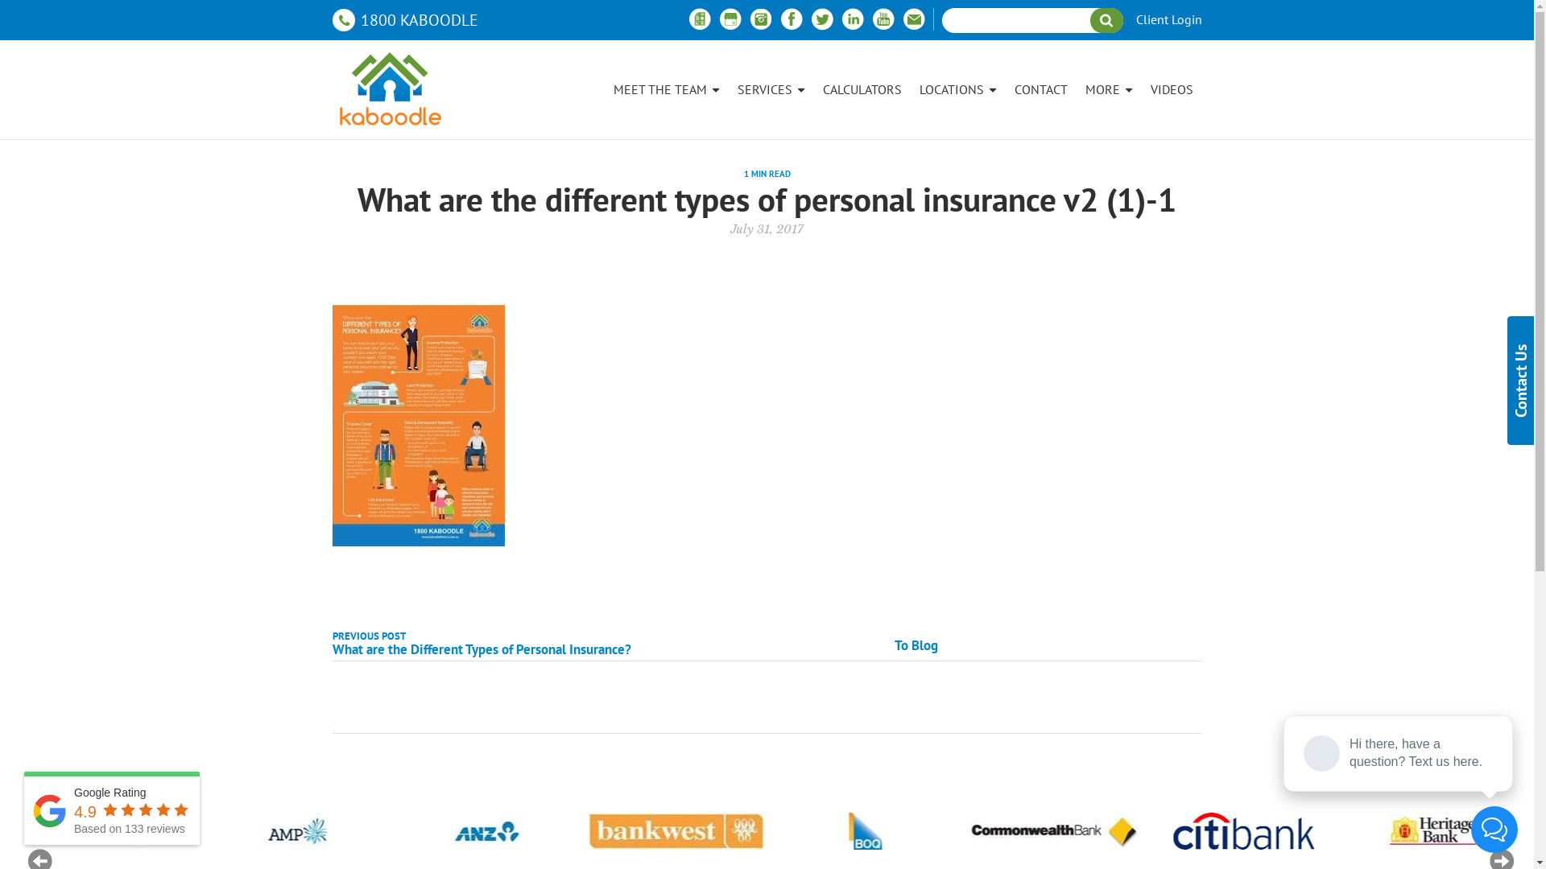 This screenshot has height=869, width=1546. I want to click on 'Google Rating, so click(111, 808).